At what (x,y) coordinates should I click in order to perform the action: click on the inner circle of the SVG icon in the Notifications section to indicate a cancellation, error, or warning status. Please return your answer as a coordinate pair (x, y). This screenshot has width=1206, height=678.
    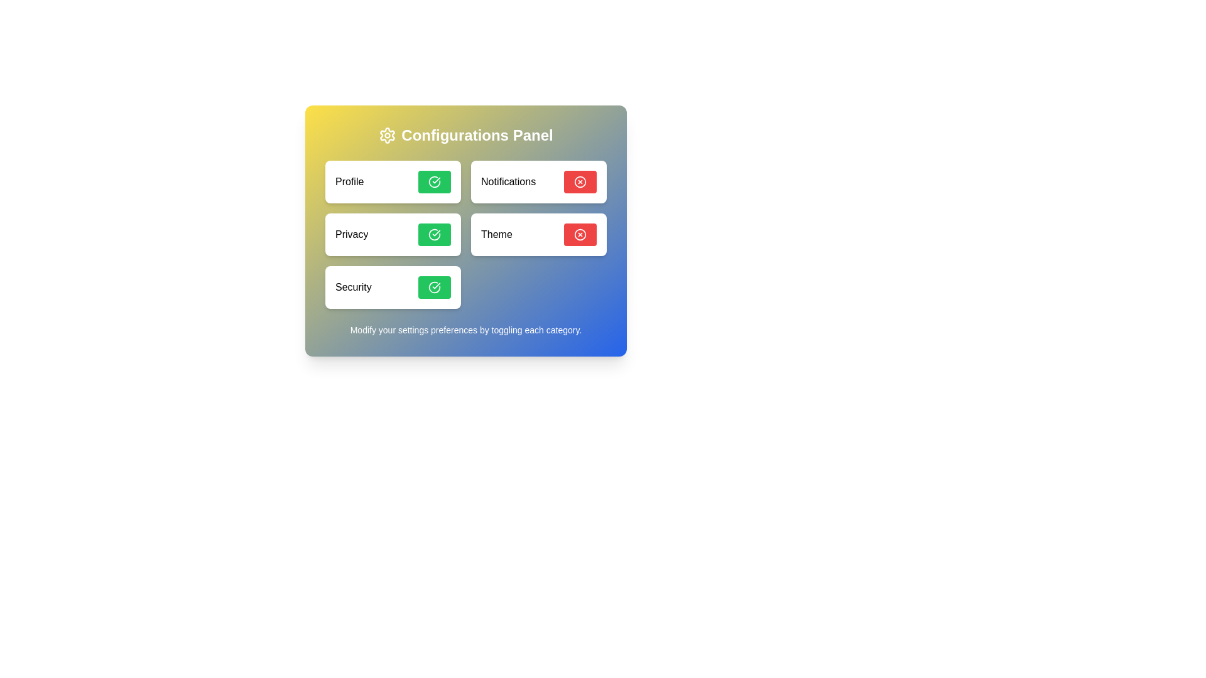
    Looking at the image, I should click on (580, 181).